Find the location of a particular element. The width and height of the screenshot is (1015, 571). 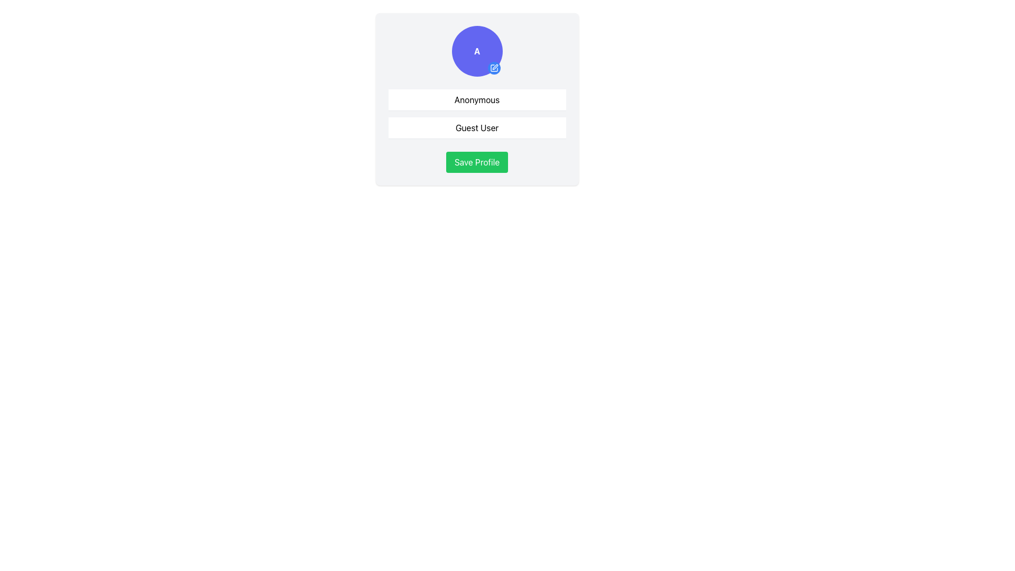

to focus on the text input field for entering the user's name, which is the first input field positioned below the circular avatar image is located at coordinates (476, 99).